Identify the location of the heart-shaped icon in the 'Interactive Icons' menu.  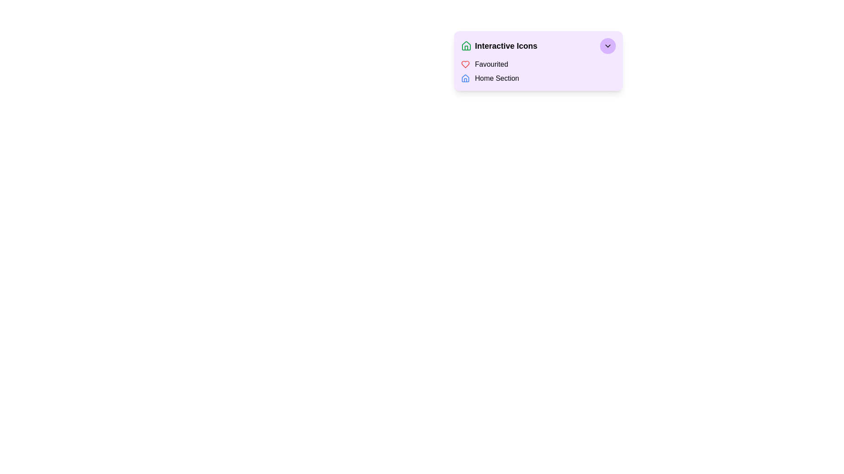
(465, 64).